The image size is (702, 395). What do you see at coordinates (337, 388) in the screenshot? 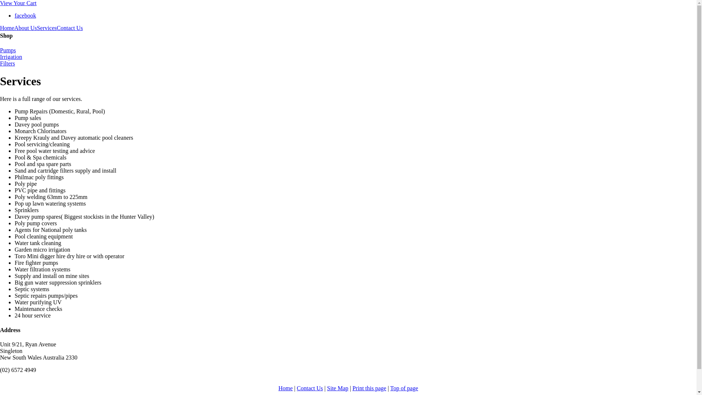
I see `'Site Map'` at bounding box center [337, 388].